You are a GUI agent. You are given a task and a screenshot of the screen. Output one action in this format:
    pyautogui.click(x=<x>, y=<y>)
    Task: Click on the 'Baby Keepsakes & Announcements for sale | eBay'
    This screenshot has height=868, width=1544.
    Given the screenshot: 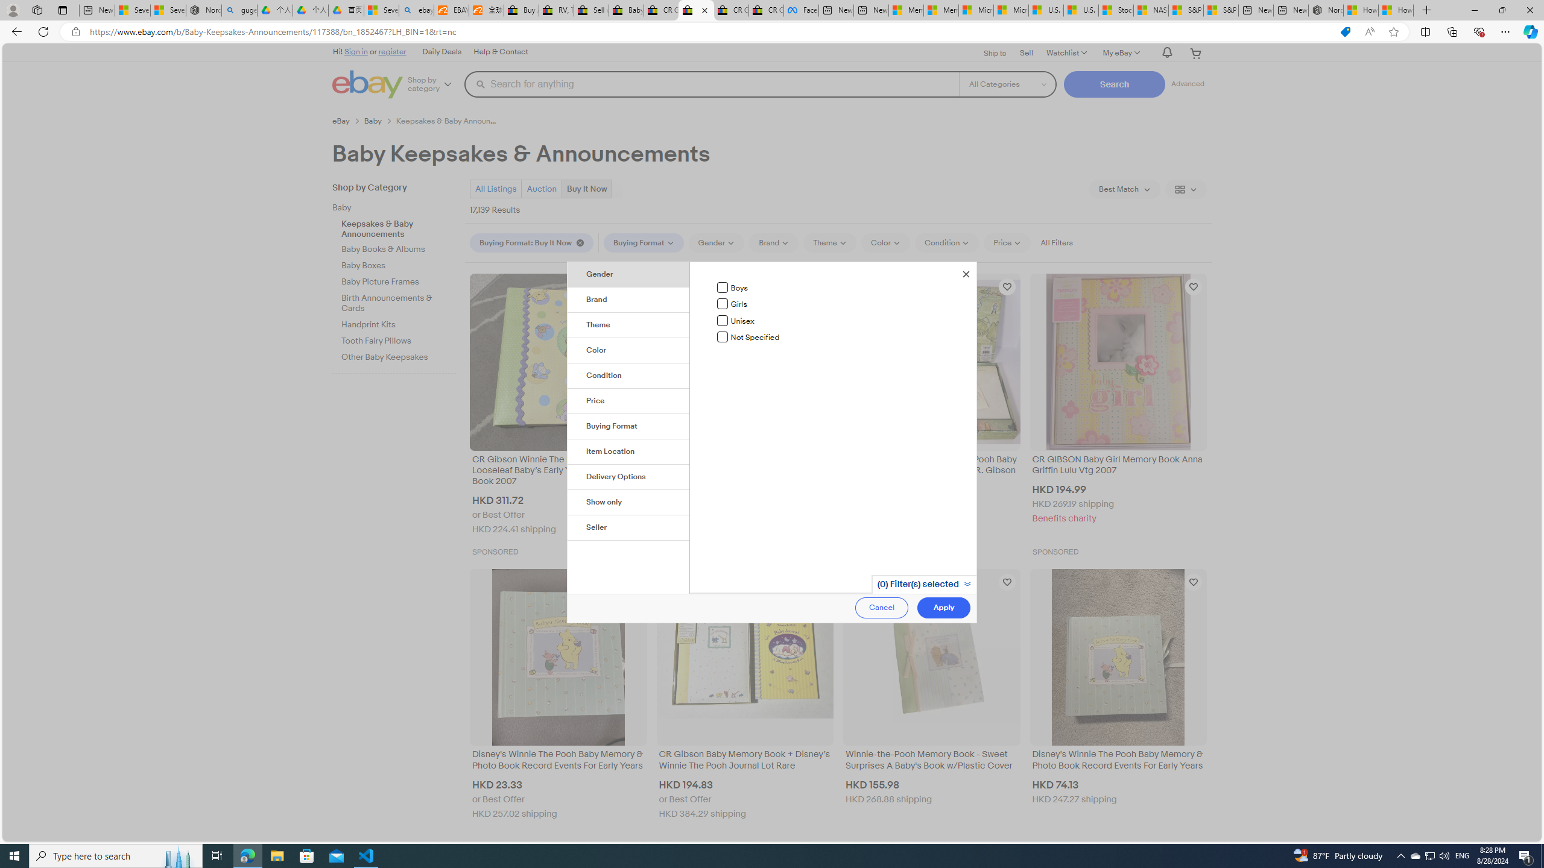 What is the action you would take?
    pyautogui.click(x=695, y=10)
    